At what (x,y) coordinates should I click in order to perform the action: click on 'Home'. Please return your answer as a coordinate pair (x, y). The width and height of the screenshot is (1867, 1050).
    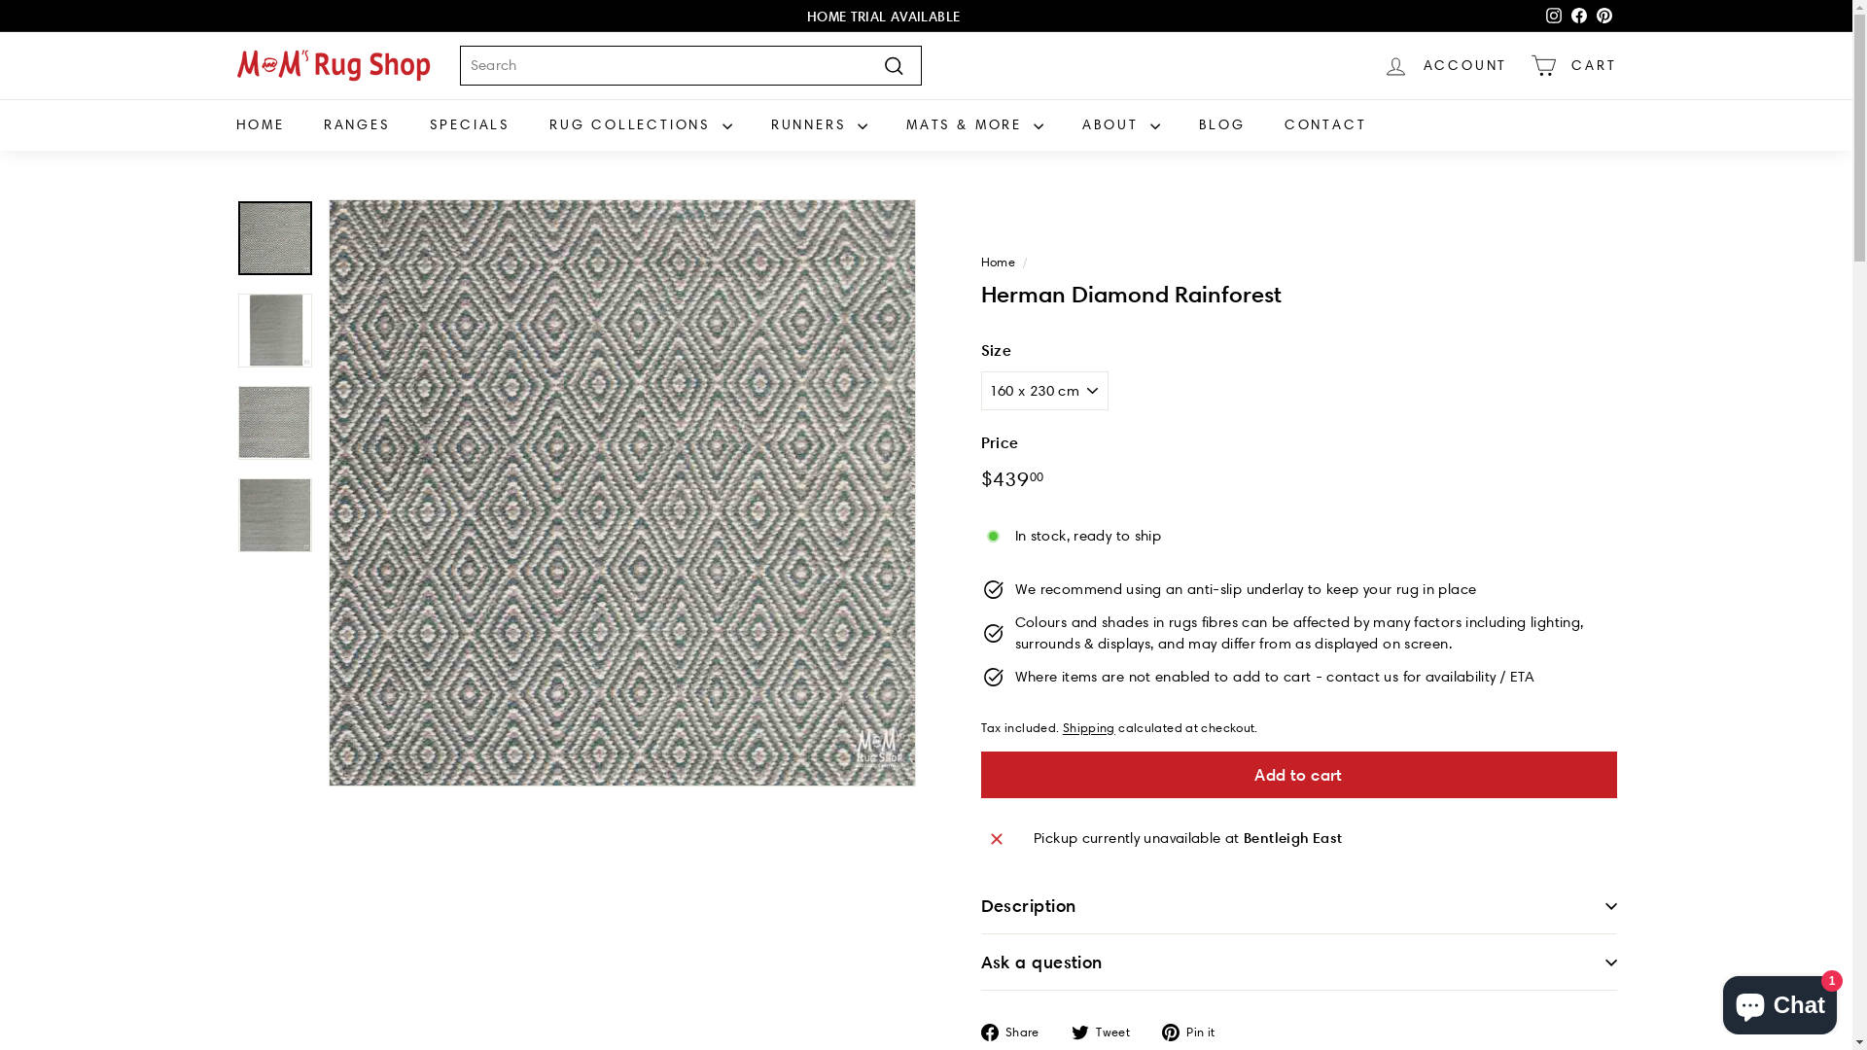
    Looking at the image, I should click on (998, 261).